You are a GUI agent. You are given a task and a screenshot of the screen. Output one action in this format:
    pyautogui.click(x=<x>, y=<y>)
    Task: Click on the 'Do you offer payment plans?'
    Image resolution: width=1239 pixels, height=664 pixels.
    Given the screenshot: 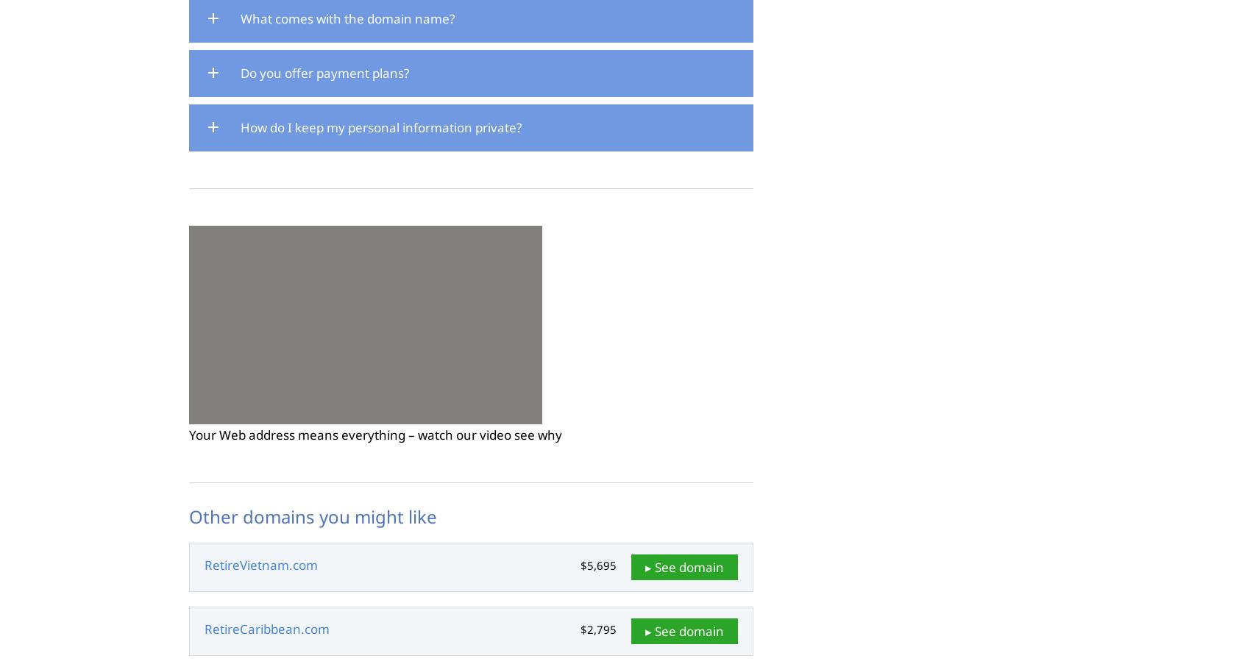 What is the action you would take?
    pyautogui.click(x=324, y=73)
    